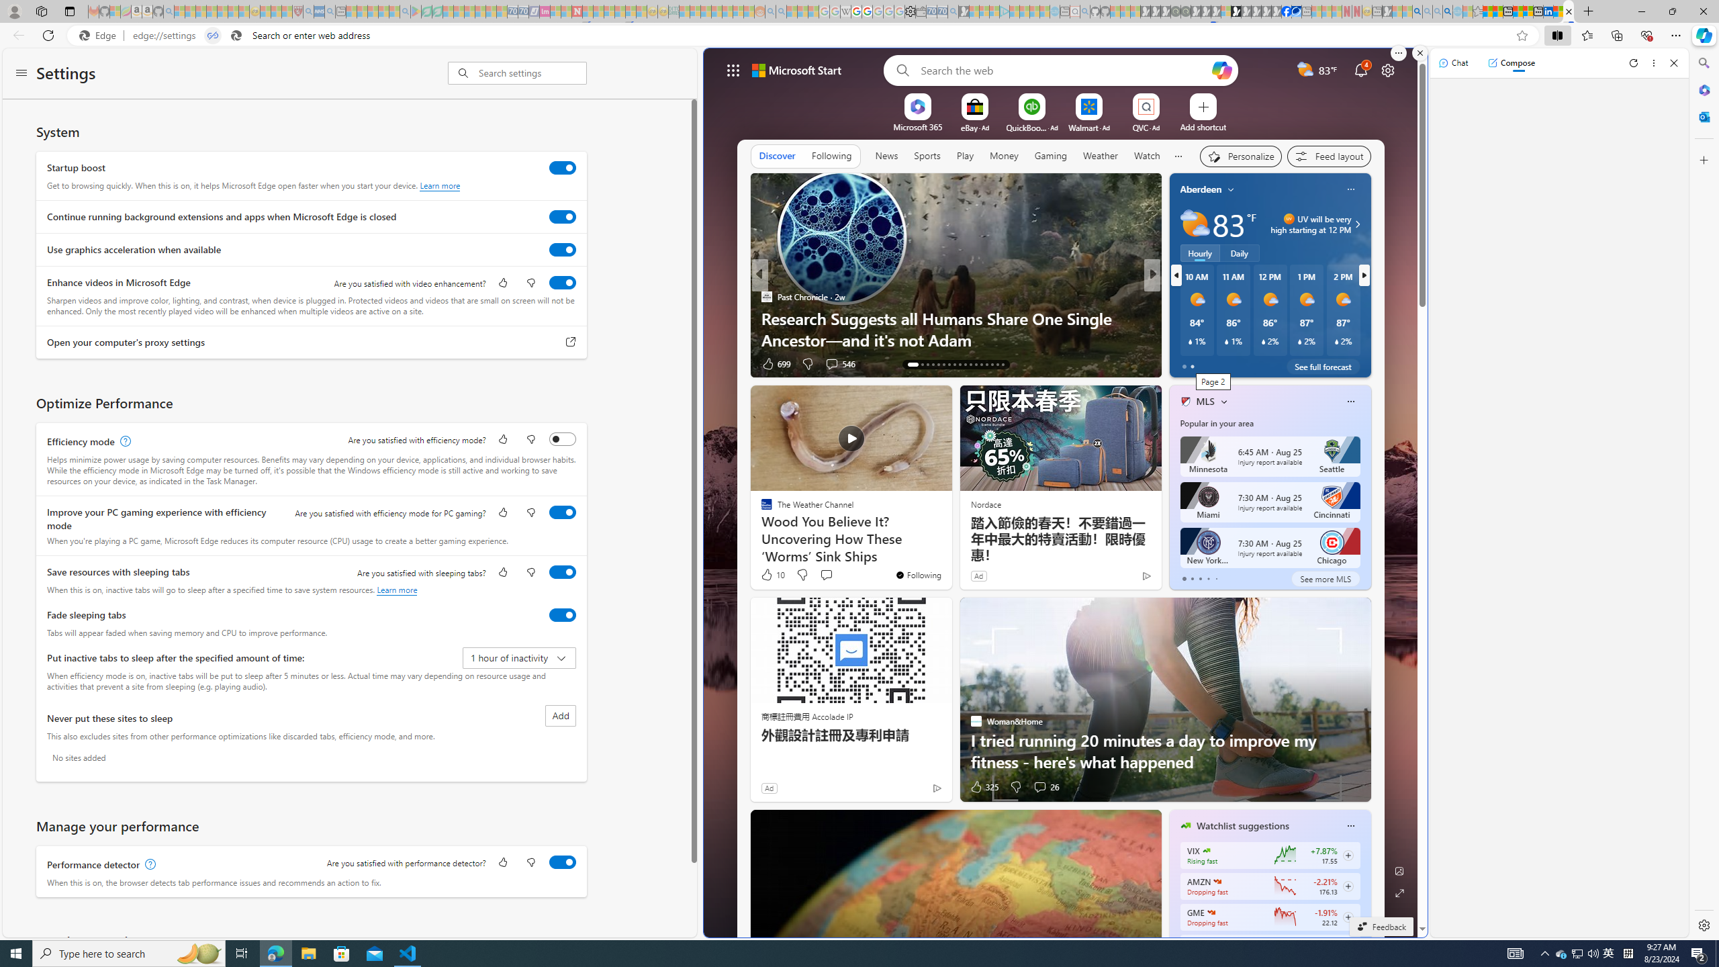 This screenshot has height=967, width=1719. I want to click on 'Bluey: Let', so click(416, 11).